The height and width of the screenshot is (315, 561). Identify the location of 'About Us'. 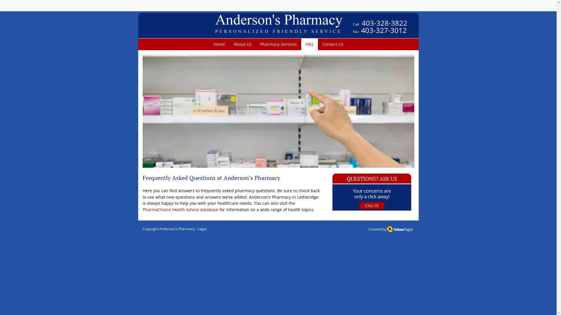
(242, 44).